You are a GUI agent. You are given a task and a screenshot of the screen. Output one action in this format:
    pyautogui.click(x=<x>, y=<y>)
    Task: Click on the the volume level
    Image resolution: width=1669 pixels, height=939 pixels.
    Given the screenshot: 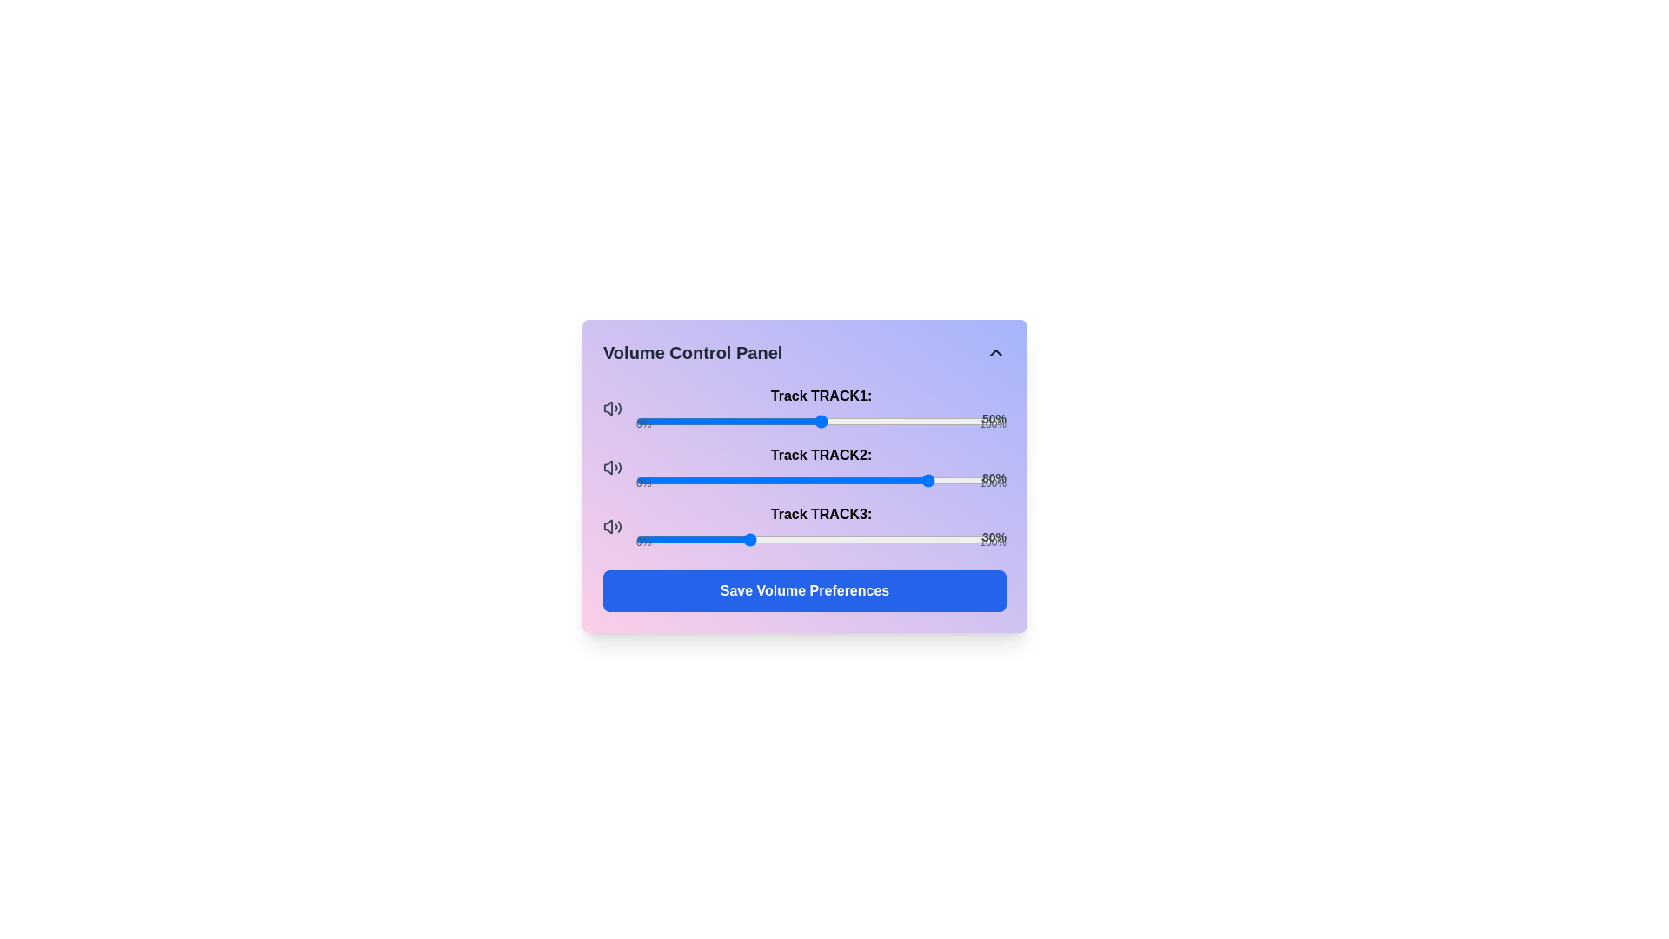 What is the action you would take?
    pyautogui.click(x=649, y=480)
    